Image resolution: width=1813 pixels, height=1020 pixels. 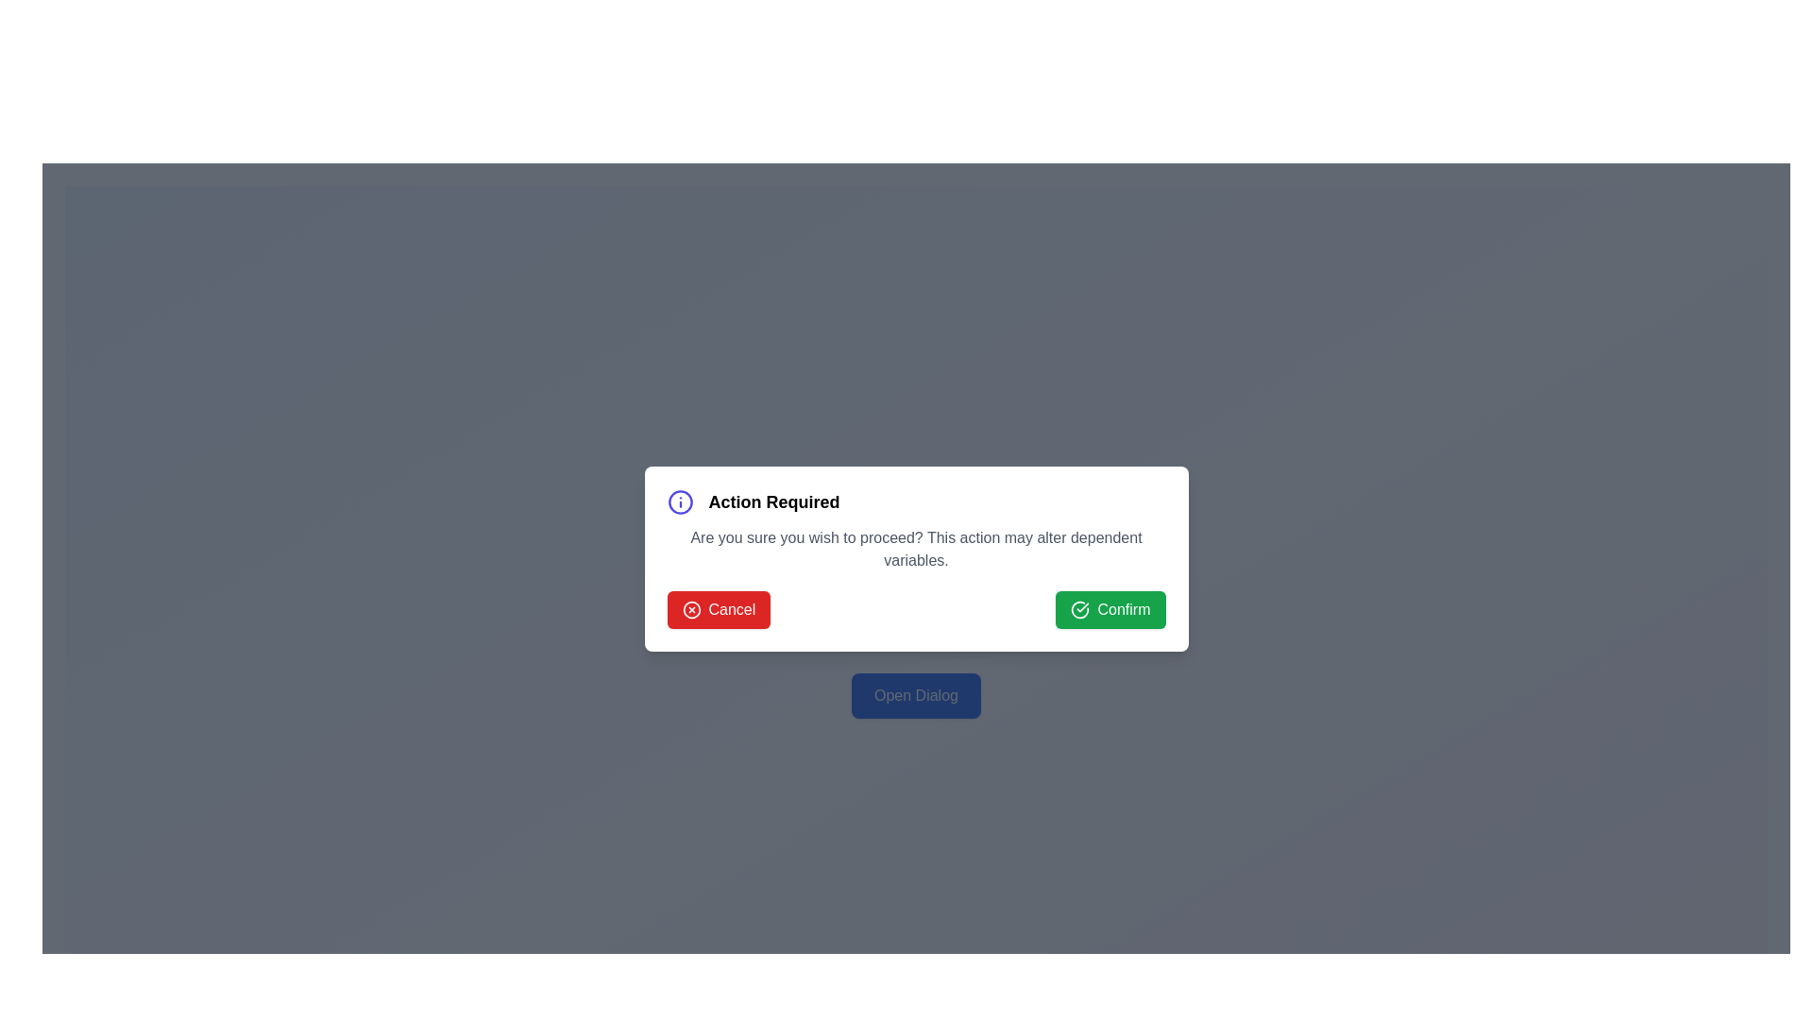 I want to click on the filled circle icon located in the header section of the modal dialog box, near the text 'Action Required', so click(x=690, y=609).